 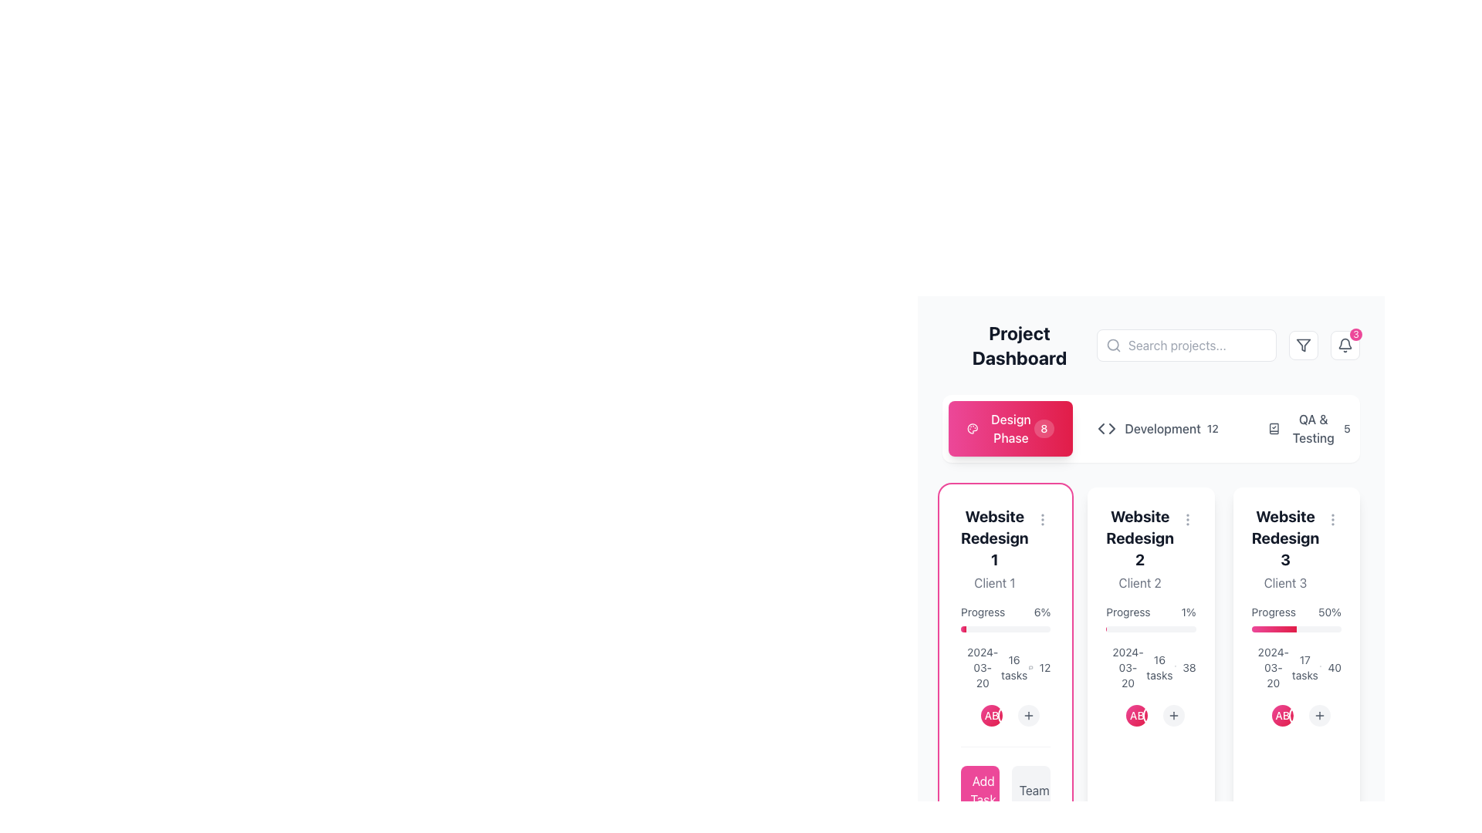 What do you see at coordinates (1296, 618) in the screenshot?
I see `on the 'Progress' component displaying '50%' within the 'Website Redesign 3' section under the 'Design Phase' tab` at bounding box center [1296, 618].